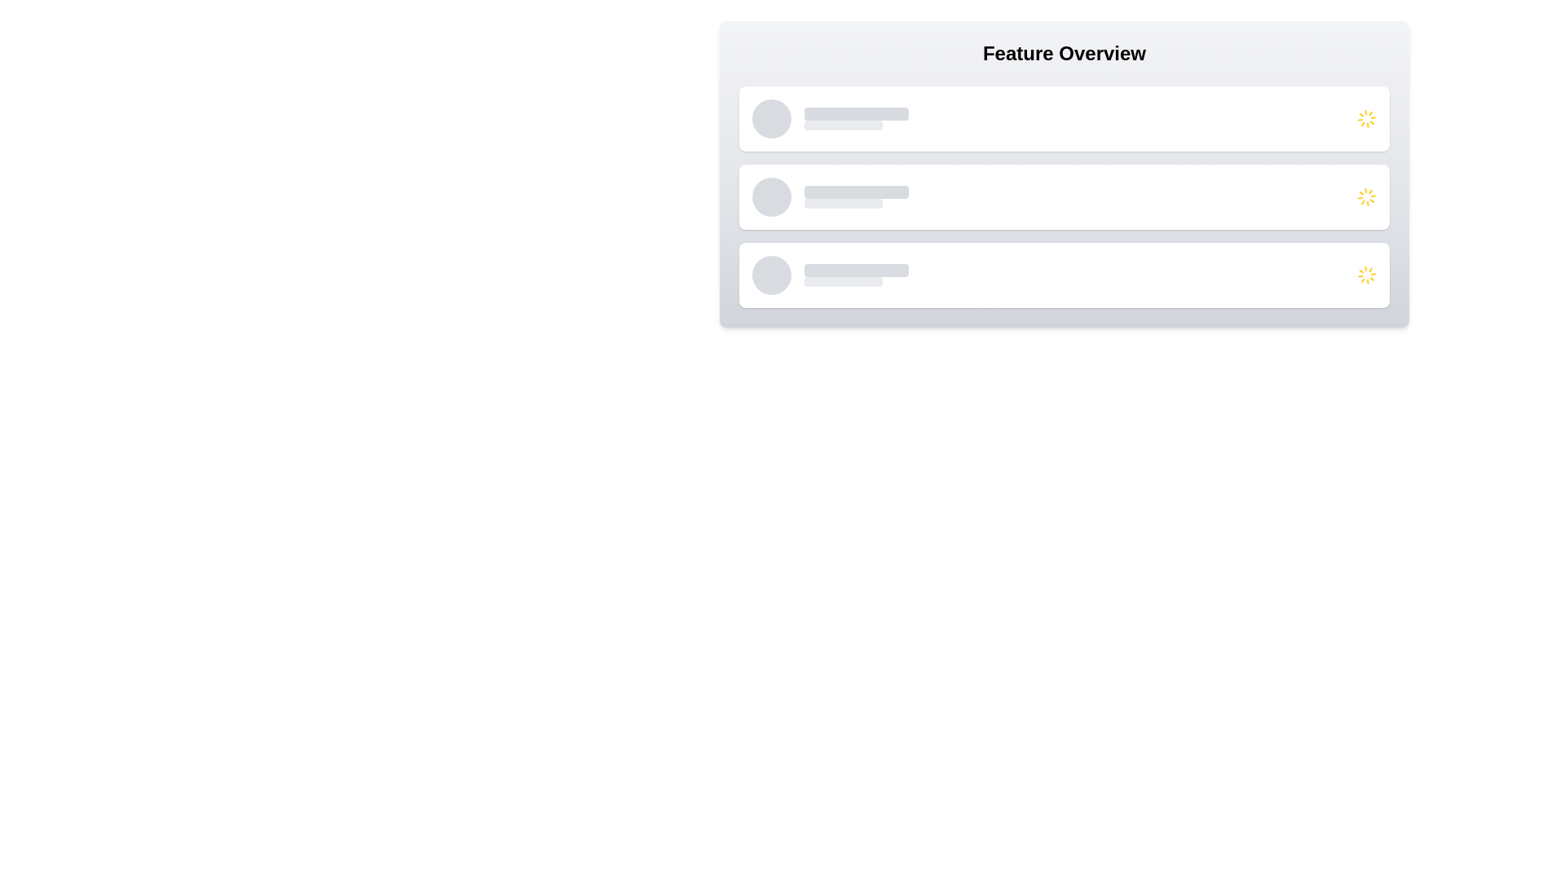 The width and height of the screenshot is (1565, 880). What do you see at coordinates (844, 125) in the screenshot?
I see `the Loading or placeholder indicator, which serves as a visual placeholder at the top of a vertical list, aligned with a circular shape` at bounding box center [844, 125].